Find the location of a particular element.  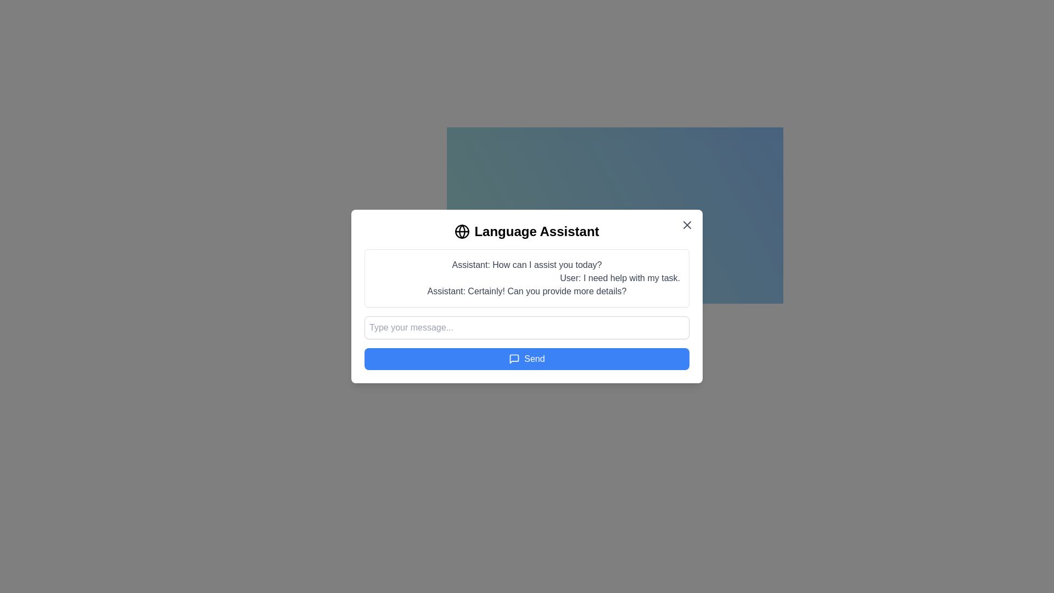

the Close button icon, which is a small gray 'X' symbol located in the top-right corner of the modal window is located at coordinates (687, 224).